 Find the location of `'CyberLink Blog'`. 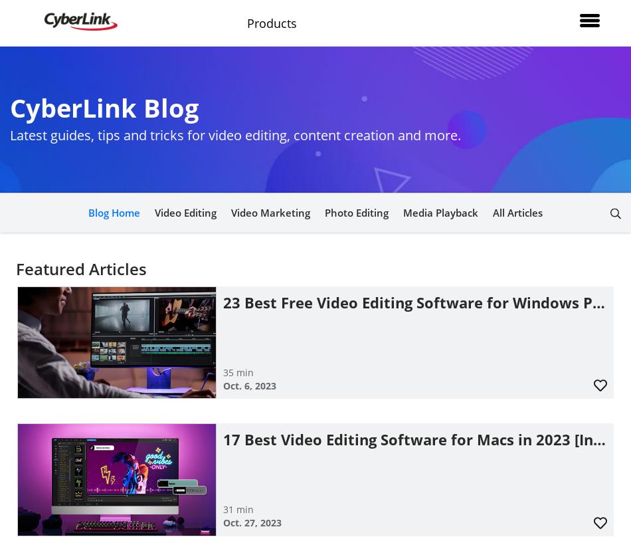

'CyberLink Blog' is located at coordinates (104, 108).